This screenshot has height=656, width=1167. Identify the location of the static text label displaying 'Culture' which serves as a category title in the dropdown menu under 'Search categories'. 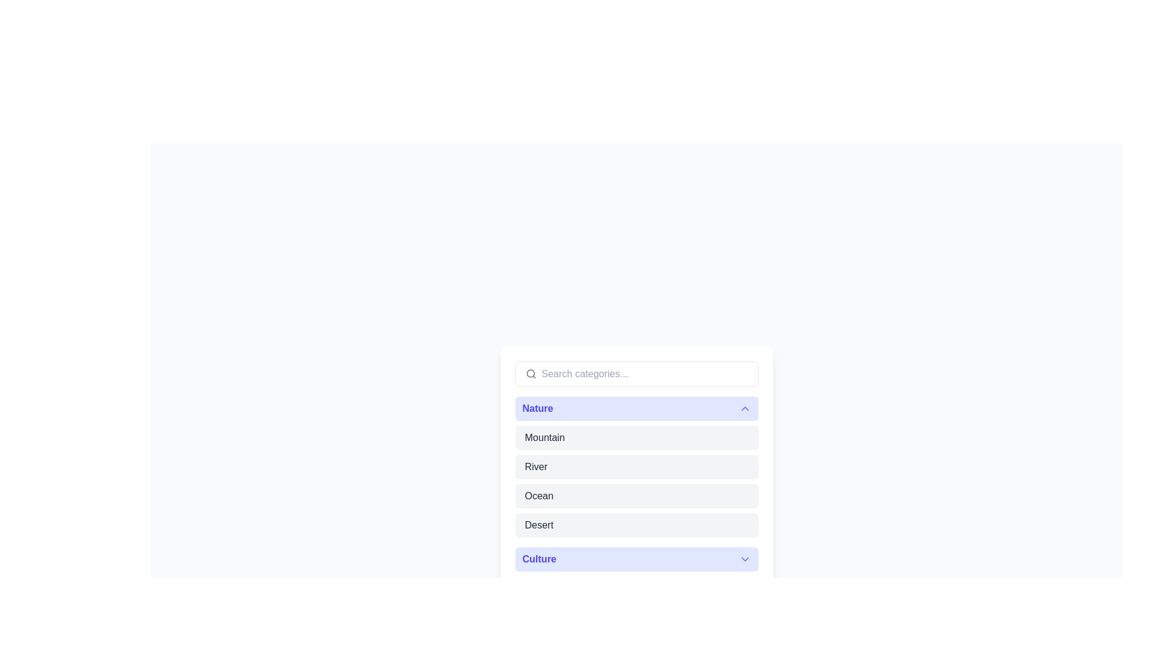
(539, 559).